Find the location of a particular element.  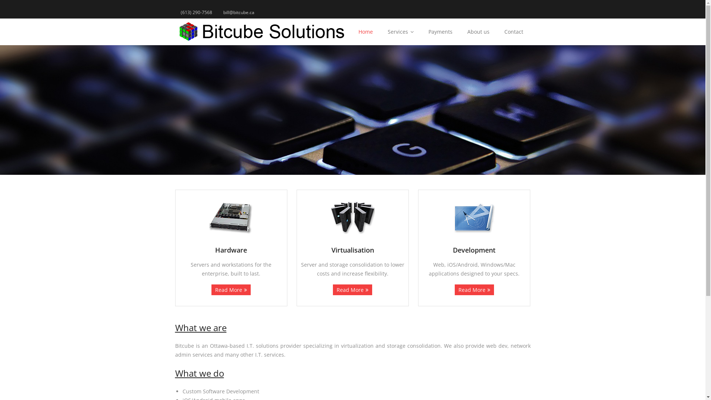

'bill@bitcube.ca' is located at coordinates (238, 12).